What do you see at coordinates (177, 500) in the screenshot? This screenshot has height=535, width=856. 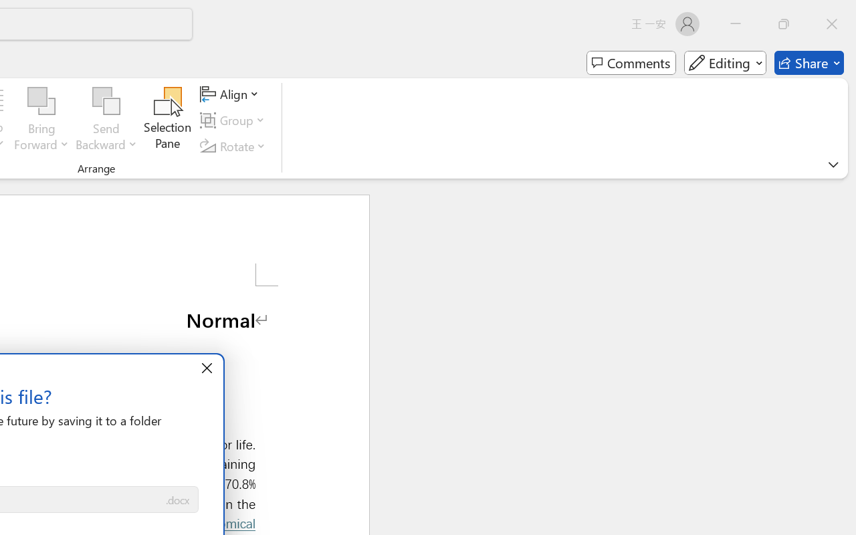 I see `'Save as type'` at bounding box center [177, 500].